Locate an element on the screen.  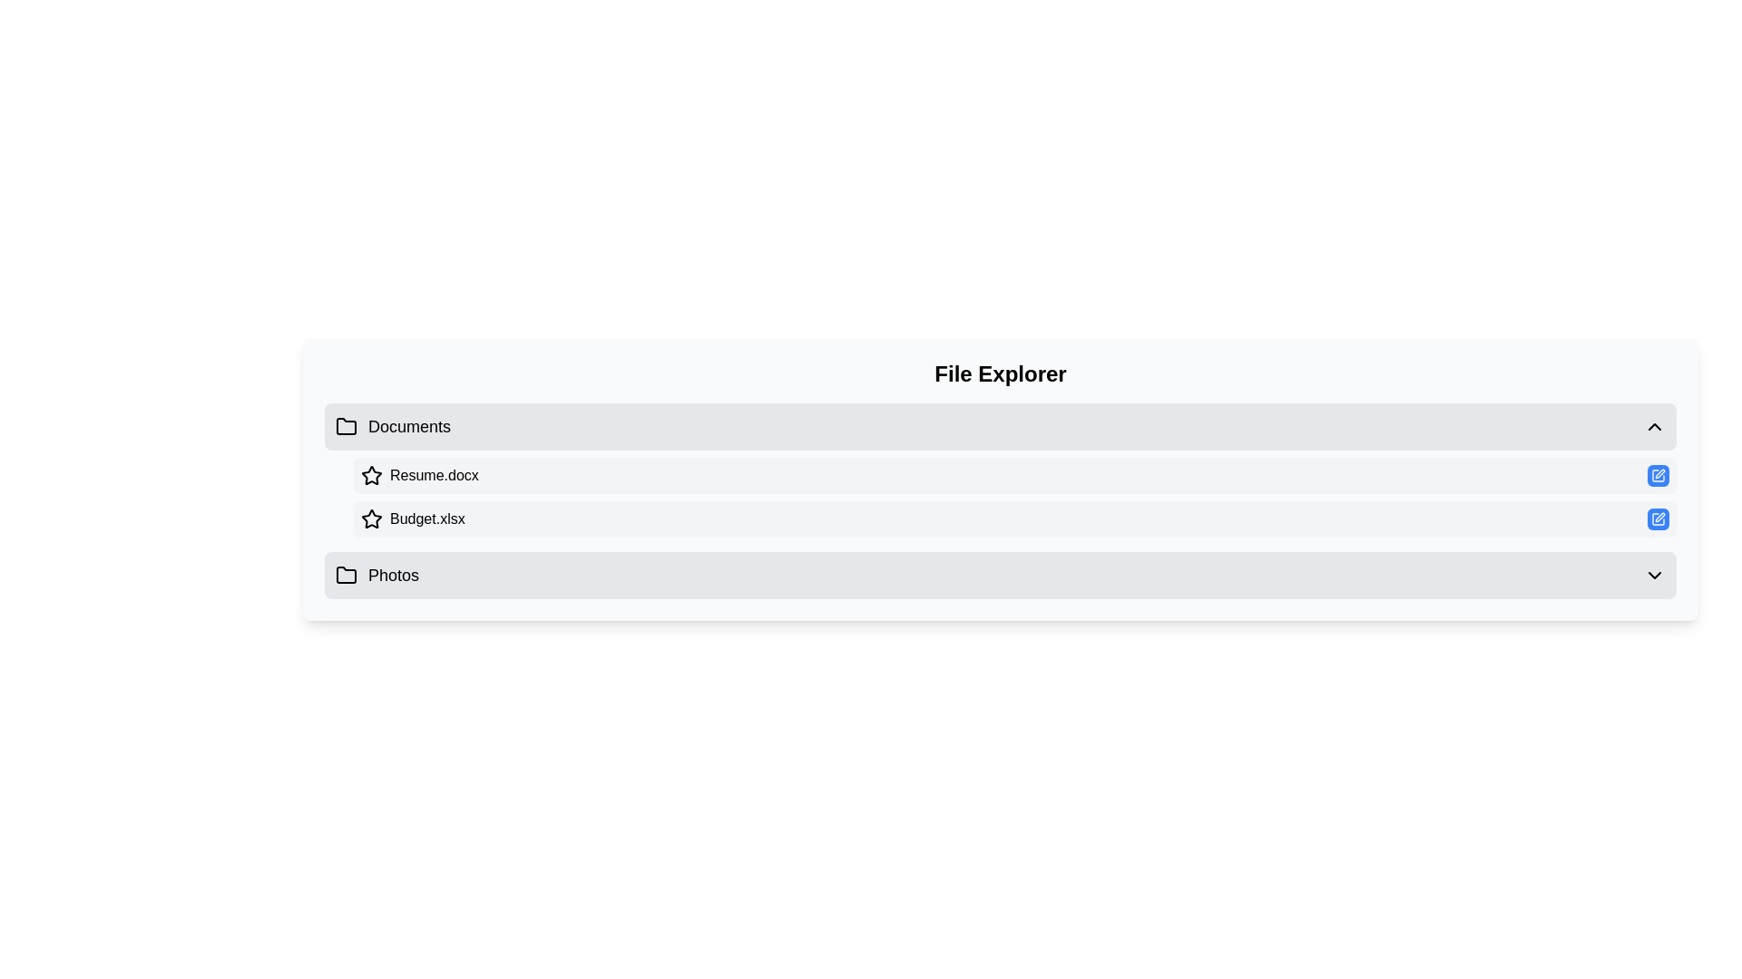
the folder icon located near the top-left section of the 'File Explorer' interface, directly aligned next to the 'Documents' text is located at coordinates (347, 426).